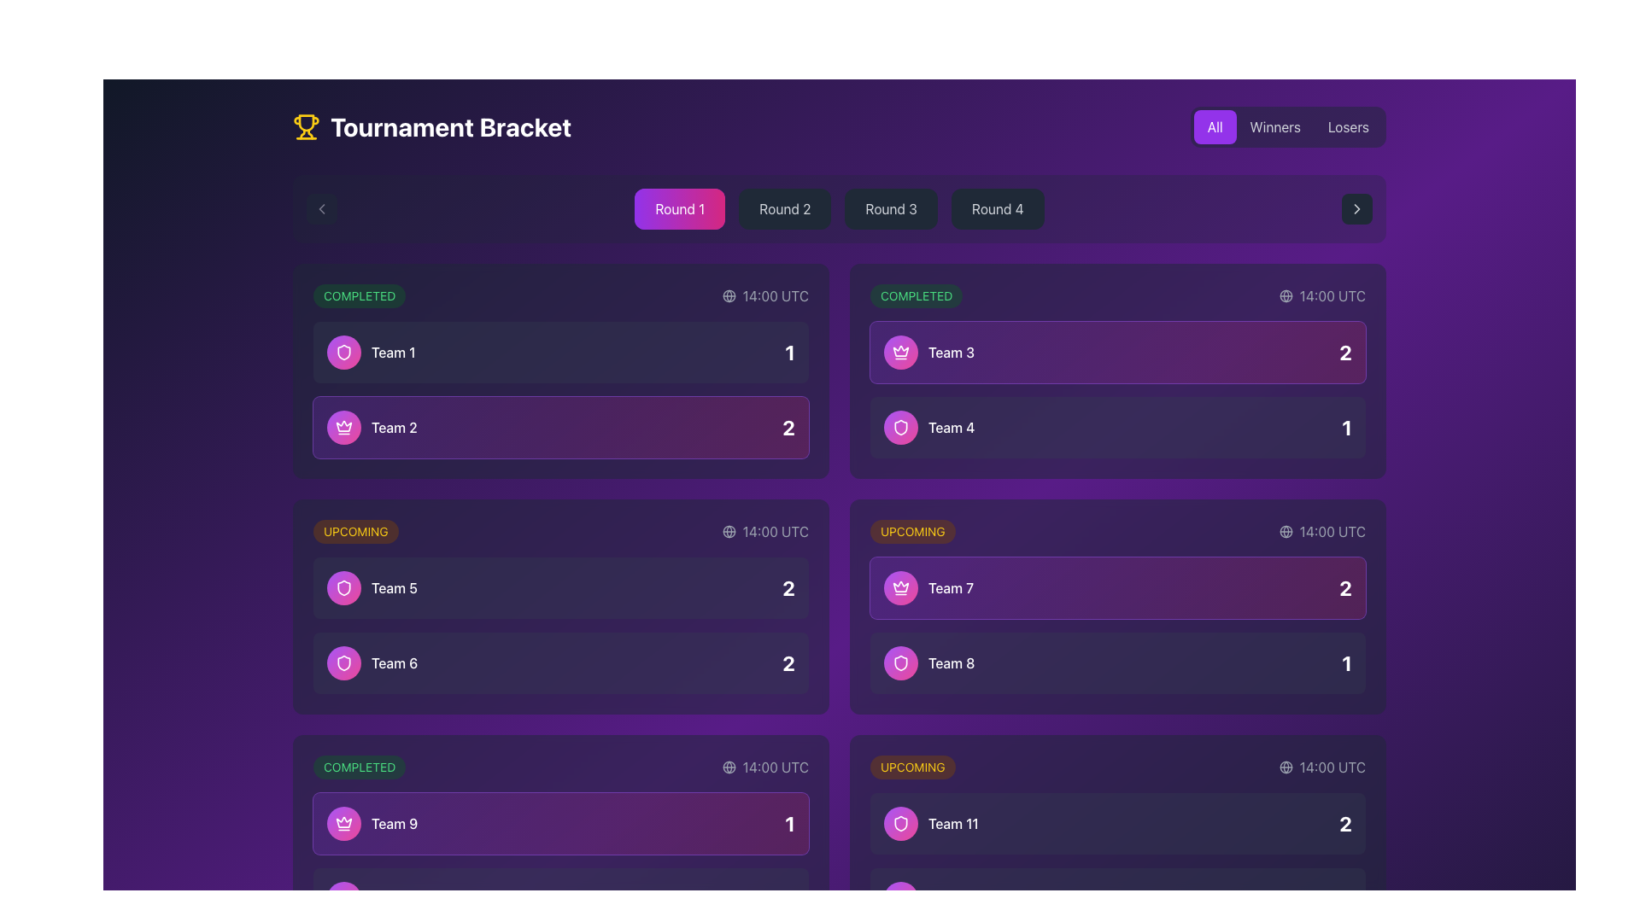  I want to click on the globe icon located to the left of the text '14:00 UTC' in the second row of the 'UPCOMING' card, positioned in the left column of the interface, so click(729, 531).